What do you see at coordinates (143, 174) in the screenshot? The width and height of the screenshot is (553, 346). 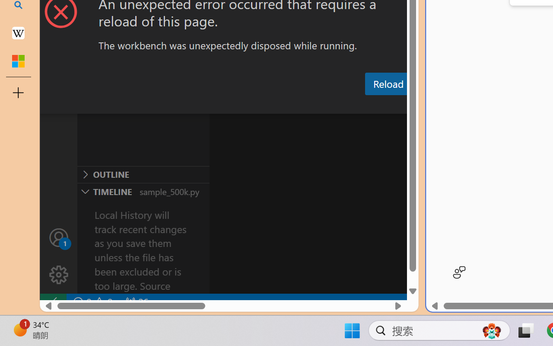 I see `'Outline Section'` at bounding box center [143, 174].